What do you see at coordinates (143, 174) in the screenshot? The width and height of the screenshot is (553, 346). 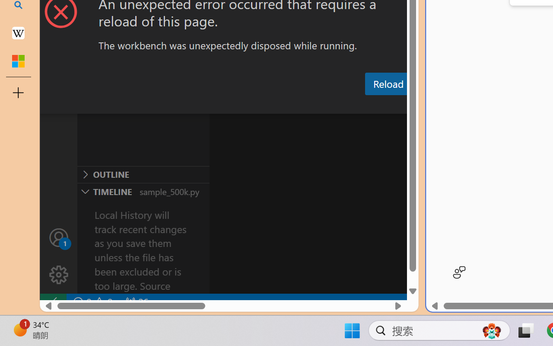 I see `'Outline Section'` at bounding box center [143, 174].